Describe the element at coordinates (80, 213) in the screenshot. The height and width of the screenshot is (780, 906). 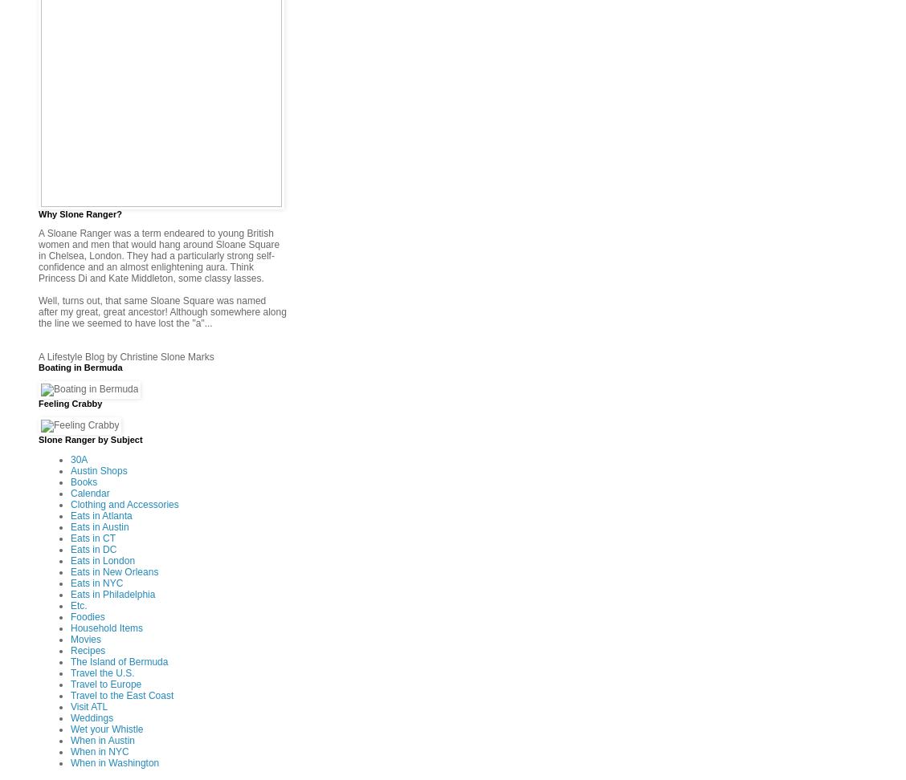
I see `'Why Slone Ranger?'` at that location.